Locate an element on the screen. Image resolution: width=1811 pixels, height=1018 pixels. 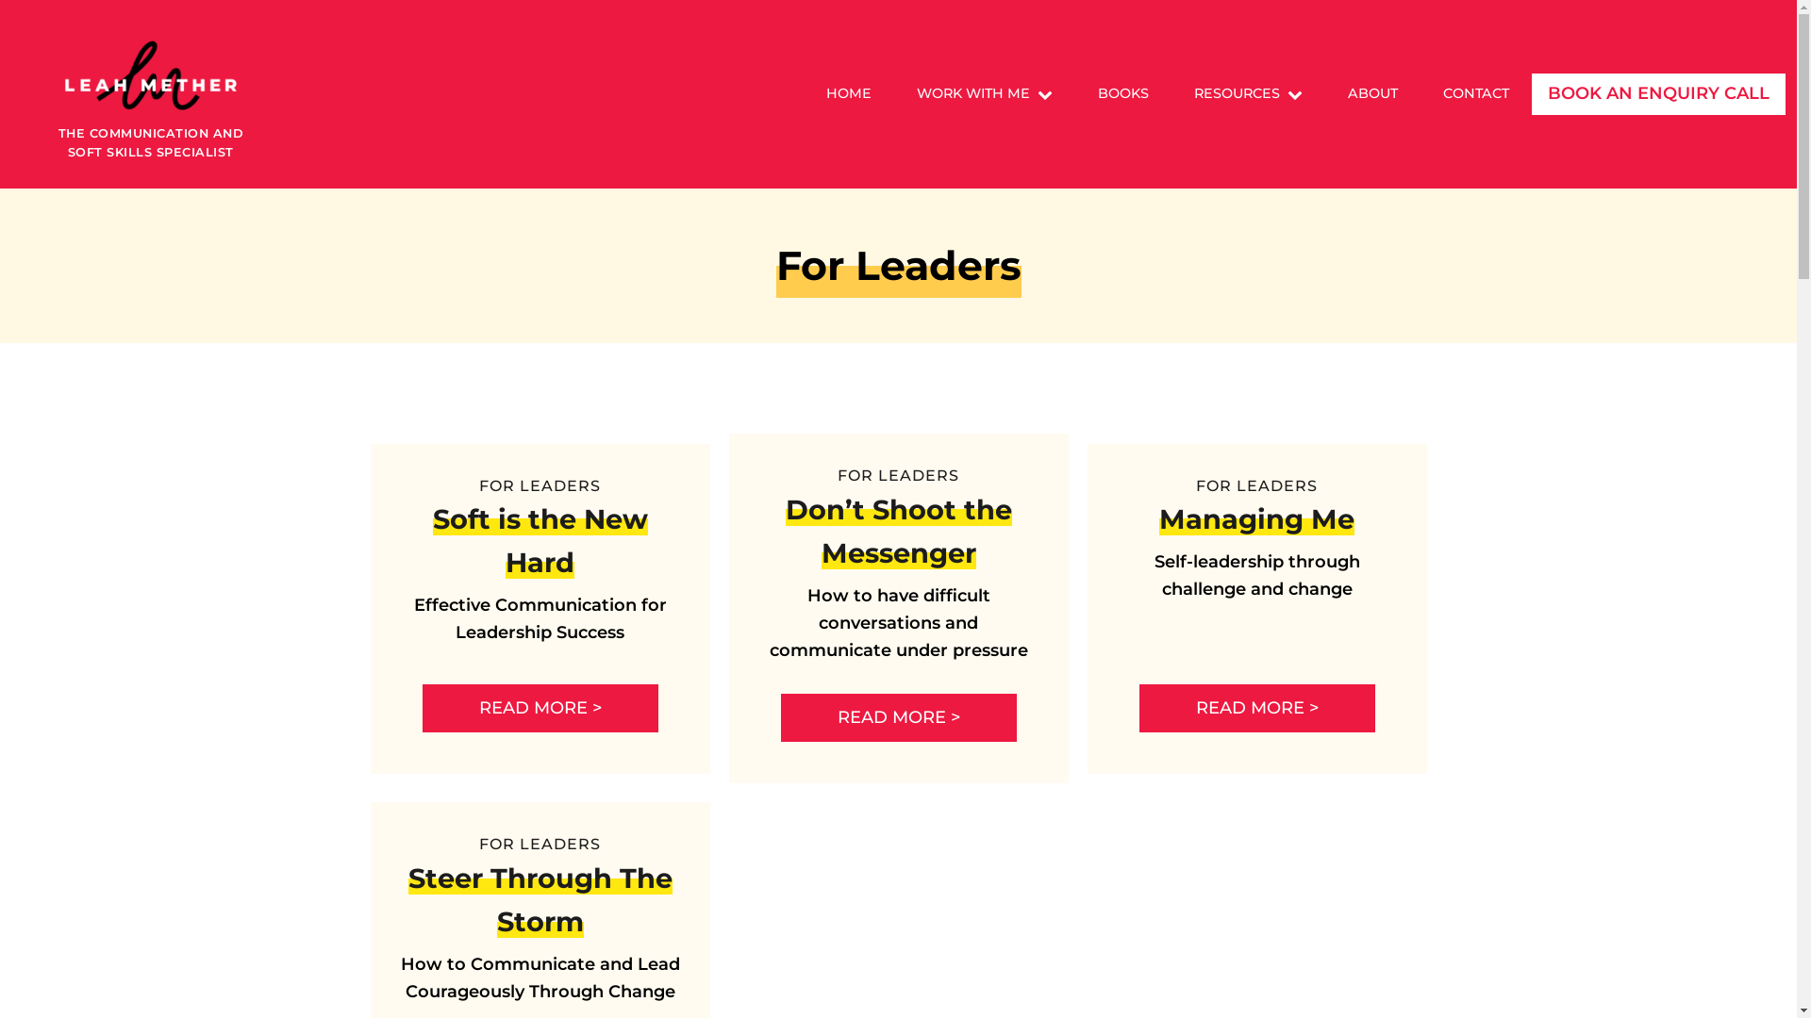
'CONTACT' is located at coordinates (1421, 93).